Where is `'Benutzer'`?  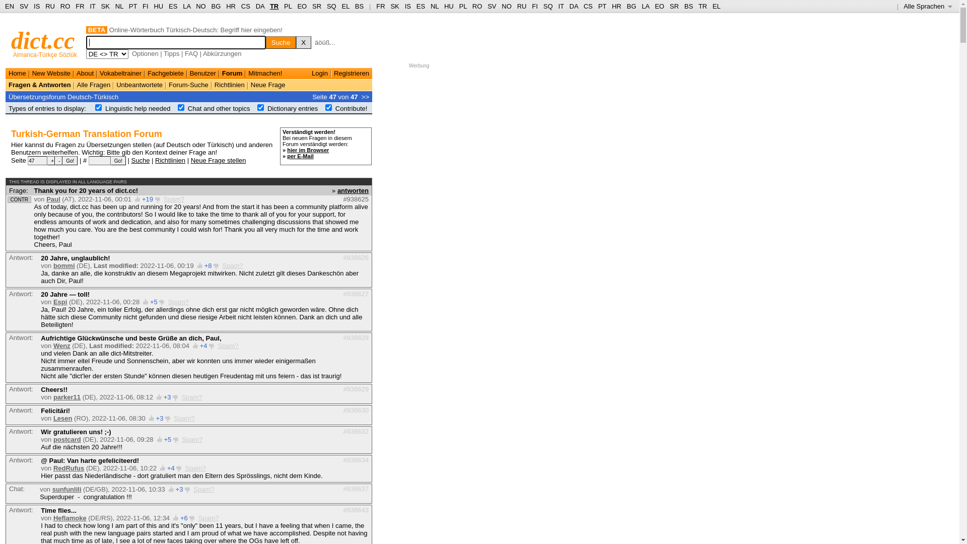 'Benutzer' is located at coordinates (202, 73).